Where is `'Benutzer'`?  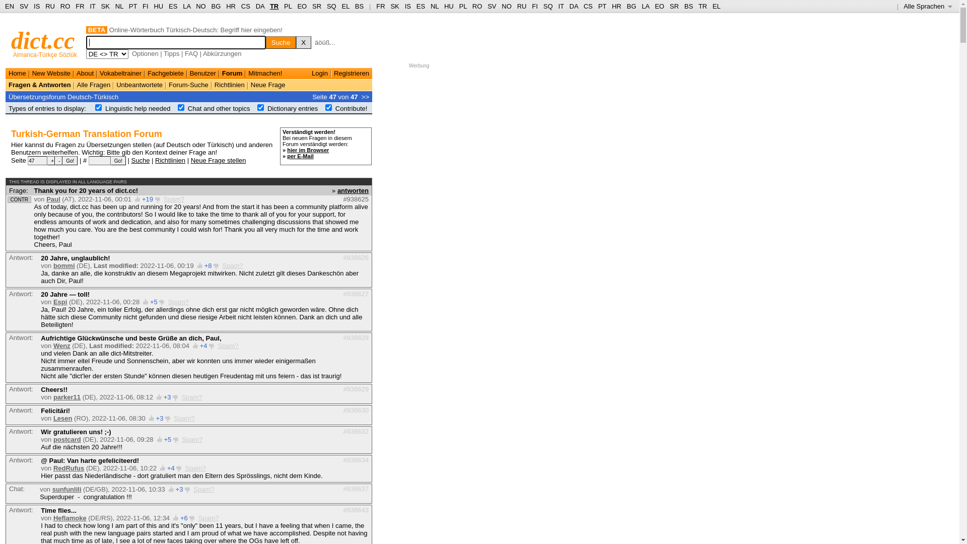 'Benutzer' is located at coordinates (202, 73).